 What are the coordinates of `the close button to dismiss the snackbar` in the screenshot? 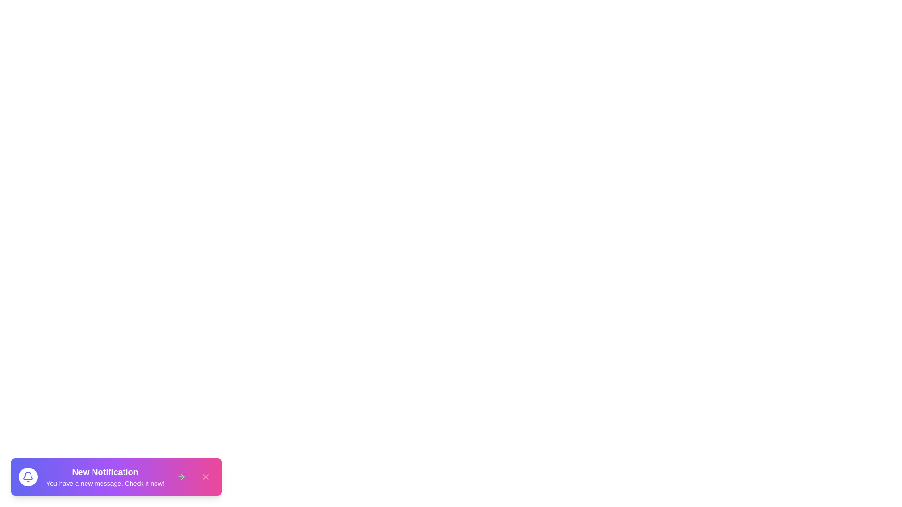 It's located at (205, 476).